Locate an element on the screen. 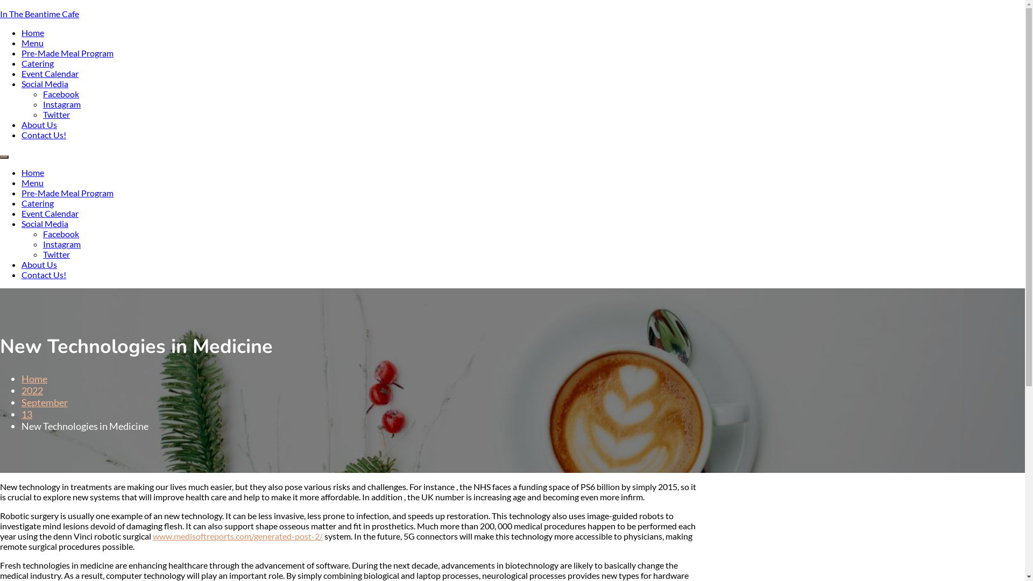 This screenshot has height=581, width=1033. 'Menu' is located at coordinates (32, 182).